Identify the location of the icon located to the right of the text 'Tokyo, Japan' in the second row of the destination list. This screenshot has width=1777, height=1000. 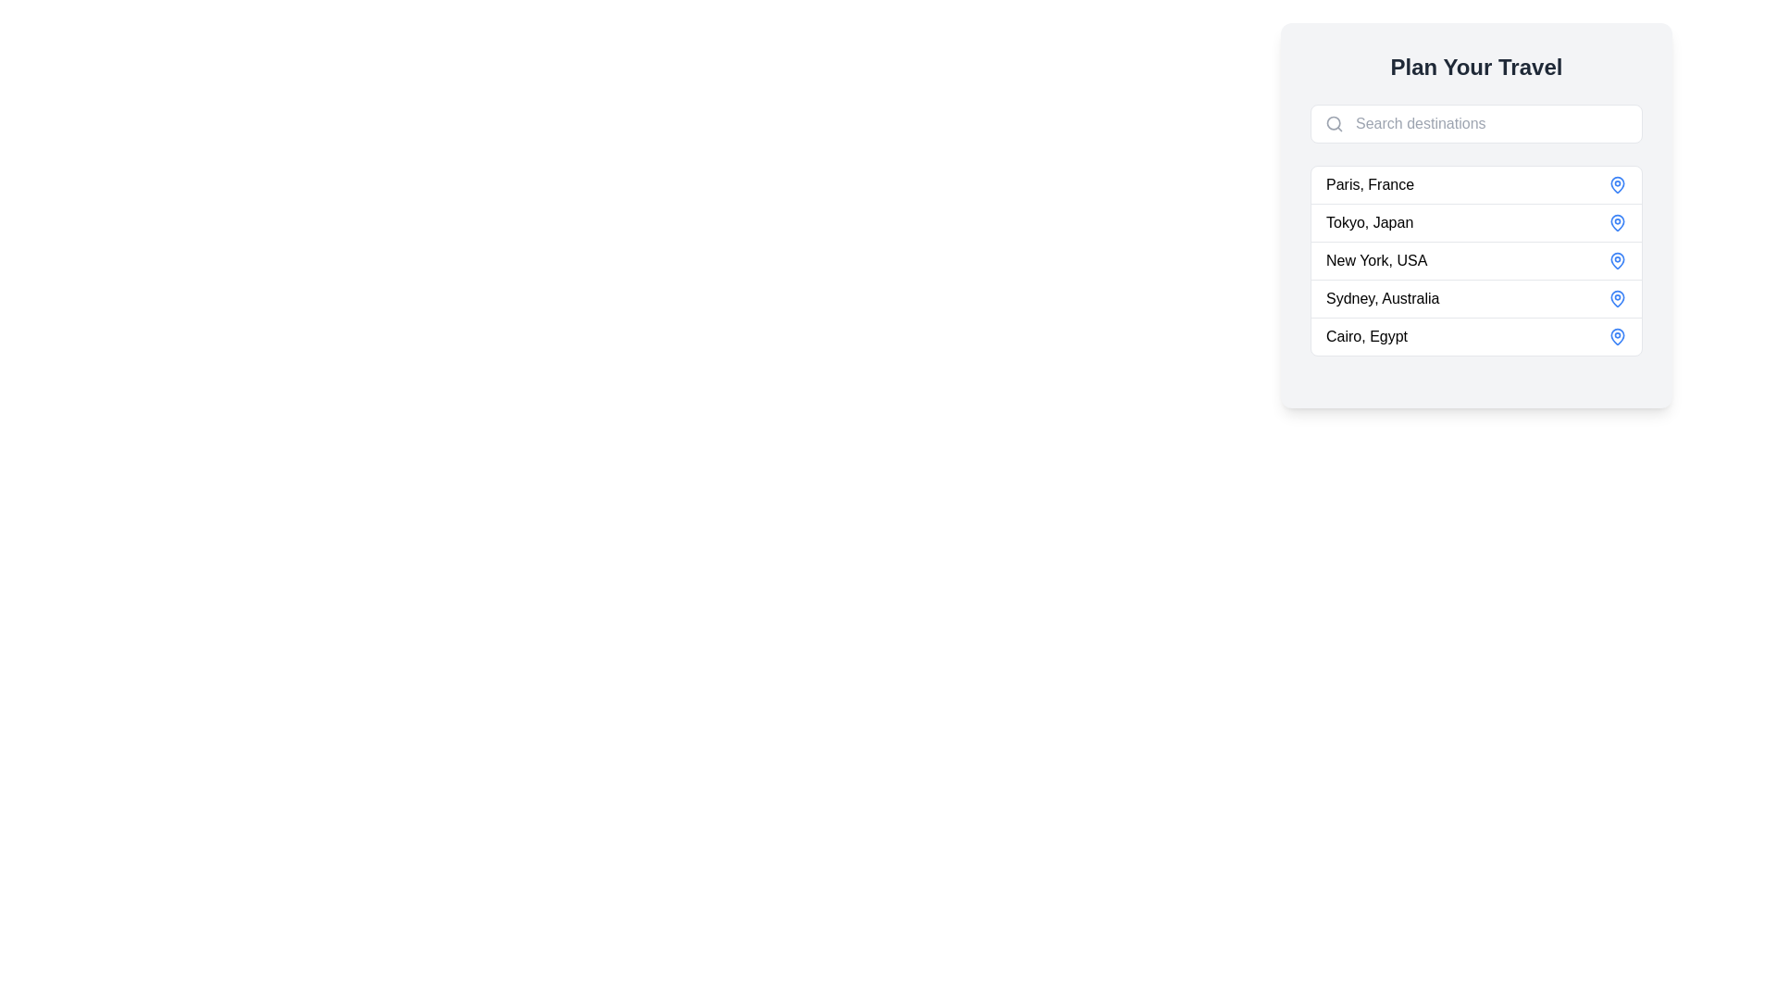
(1616, 220).